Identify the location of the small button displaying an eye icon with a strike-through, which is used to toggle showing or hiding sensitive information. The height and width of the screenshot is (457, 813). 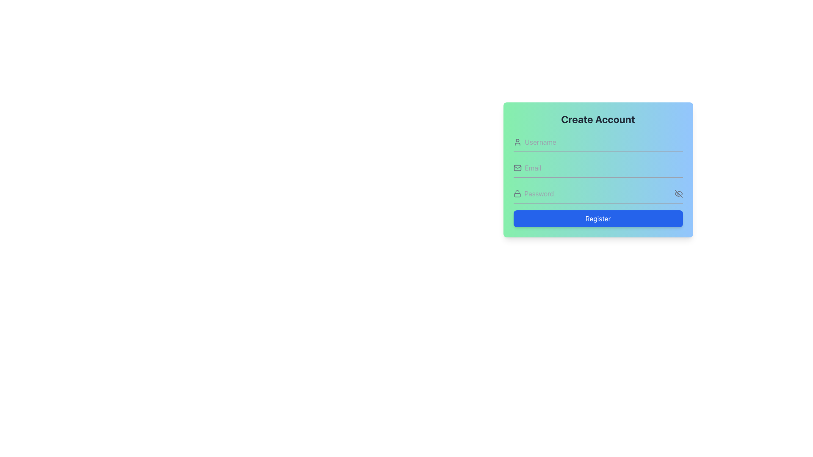
(678, 194).